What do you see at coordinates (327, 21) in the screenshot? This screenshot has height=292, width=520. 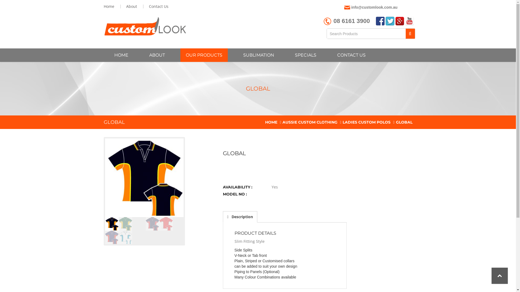 I see `'Custom Phone Icon'` at bounding box center [327, 21].